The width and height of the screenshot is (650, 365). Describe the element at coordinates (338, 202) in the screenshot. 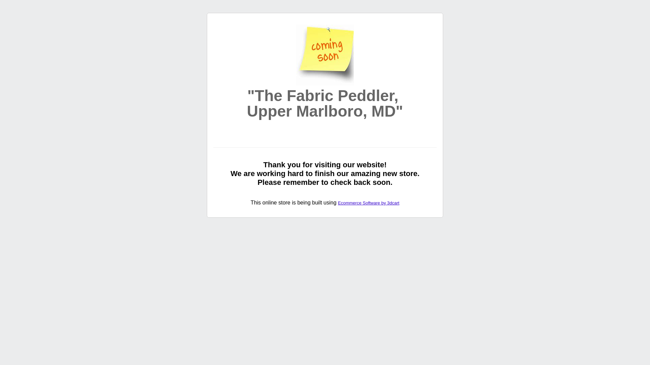

I see `'Ecommerce Software by 3dcart'` at that location.